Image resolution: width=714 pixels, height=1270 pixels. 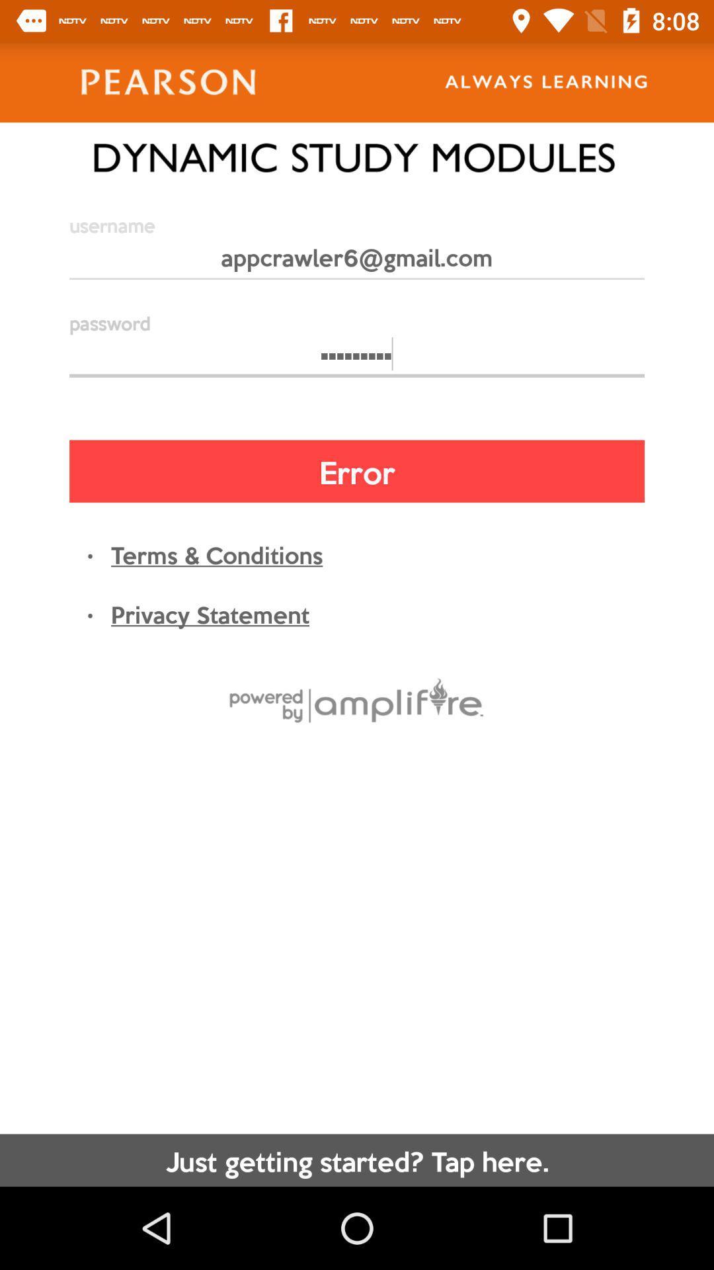 I want to click on the just getting started button, so click(x=357, y=1160).